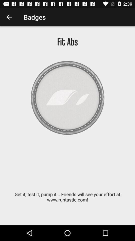 The image size is (135, 241). What do you see at coordinates (9, 17) in the screenshot?
I see `the icon to the left of badges icon` at bounding box center [9, 17].